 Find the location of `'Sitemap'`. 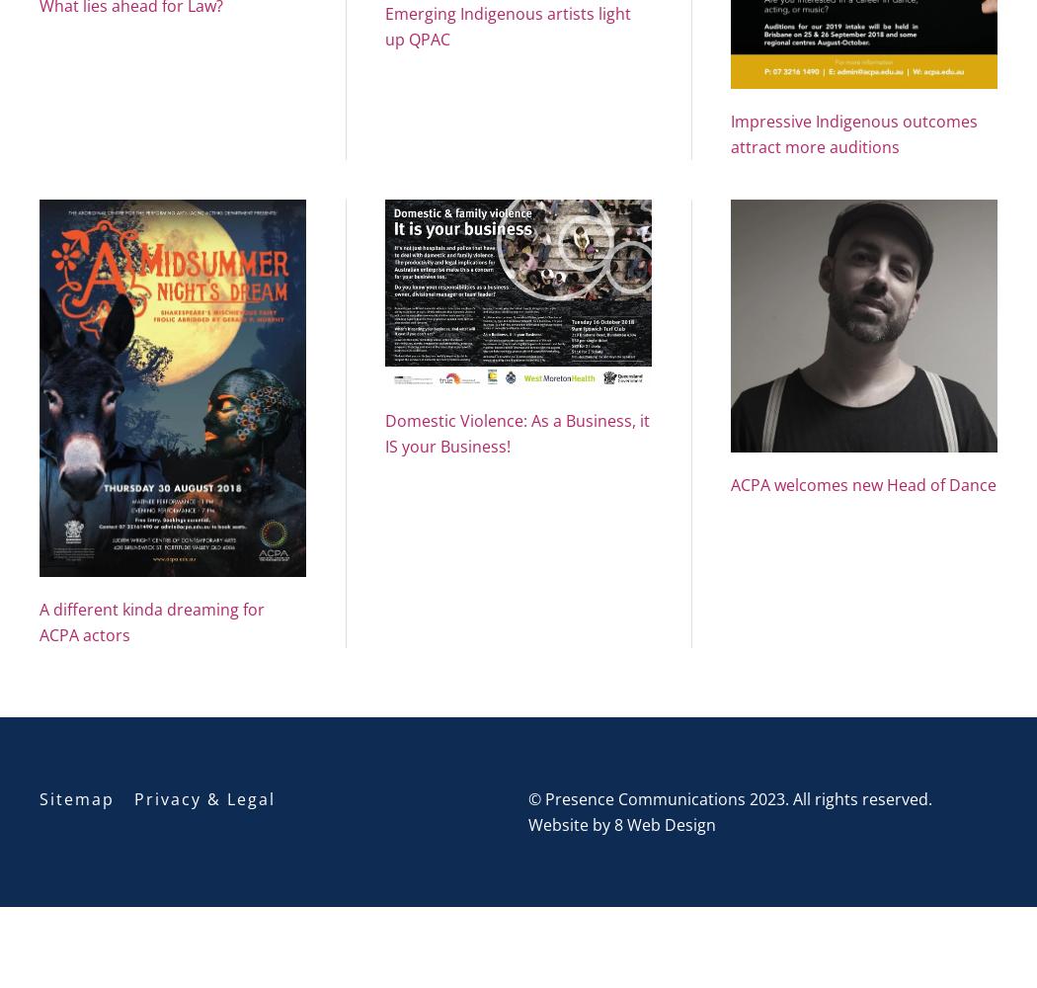

'Sitemap' is located at coordinates (77, 798).